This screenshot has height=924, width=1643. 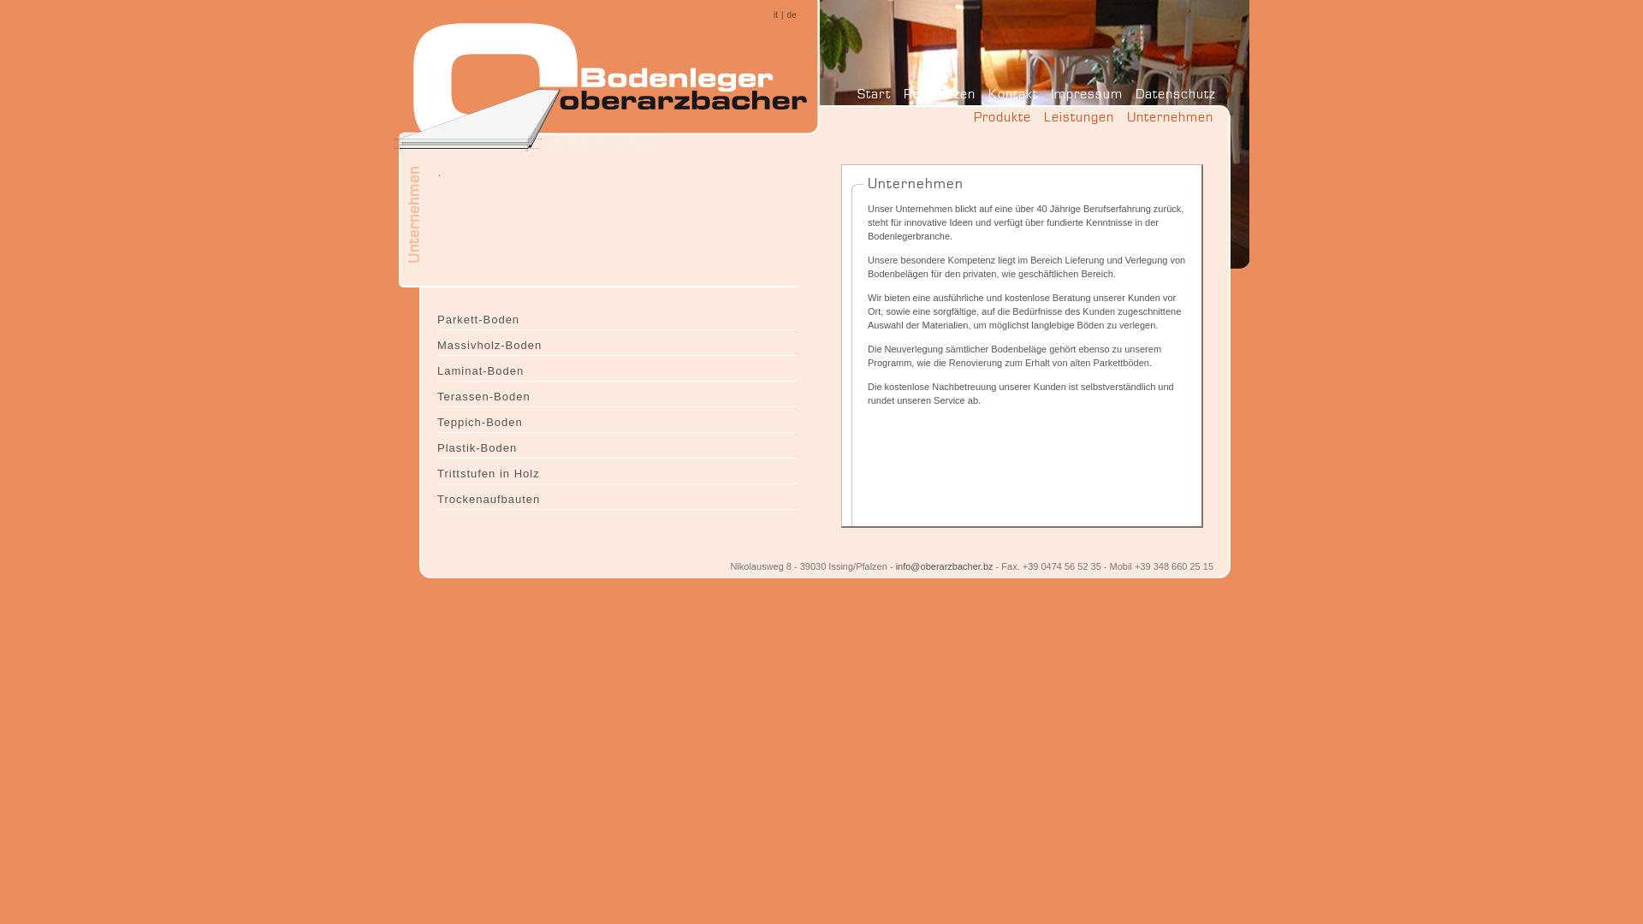 What do you see at coordinates (1002, 121) in the screenshot?
I see `'Produkte'` at bounding box center [1002, 121].